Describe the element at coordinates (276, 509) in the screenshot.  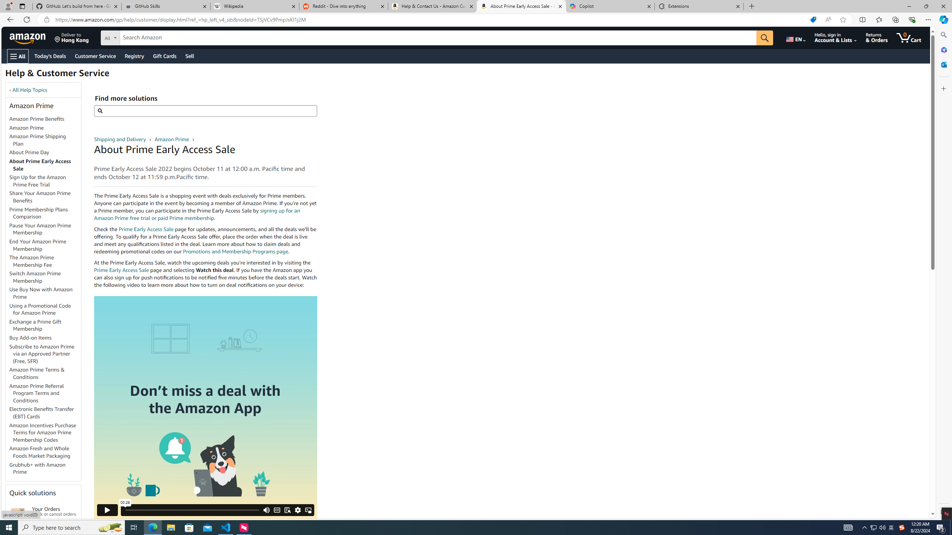
I see `'CC/Subtitles'` at that location.